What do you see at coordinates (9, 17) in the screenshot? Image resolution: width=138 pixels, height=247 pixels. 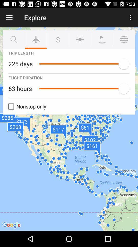 I see `icon next to the explore item` at bounding box center [9, 17].